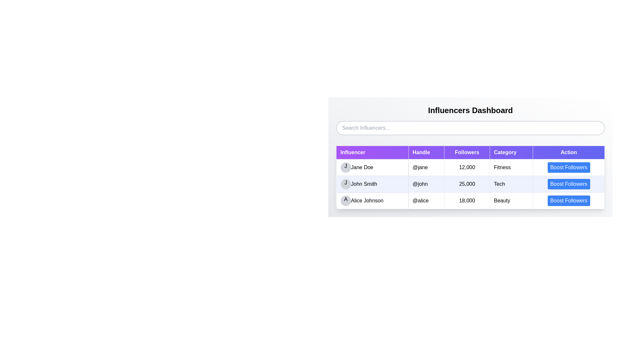  I want to click on text display element representing the handle for the influencer 'Jane Doe' in the first row of the table, so click(426, 167).